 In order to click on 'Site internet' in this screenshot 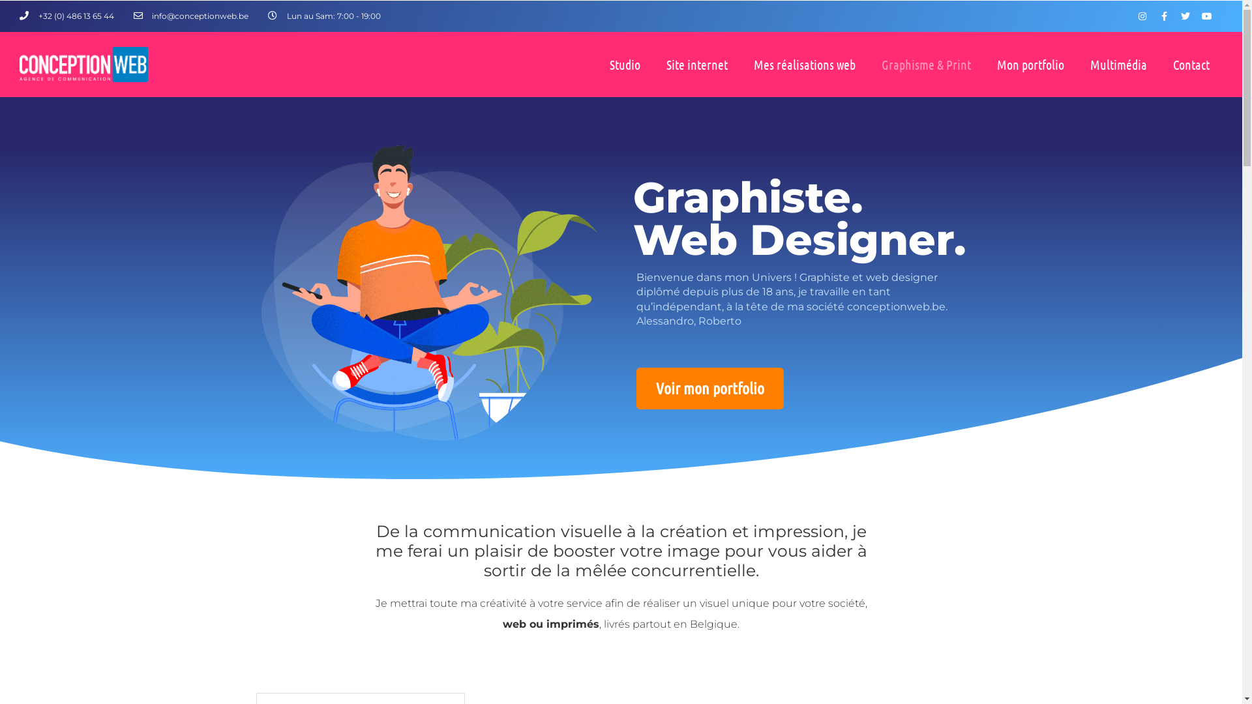, I will do `click(696, 65)`.